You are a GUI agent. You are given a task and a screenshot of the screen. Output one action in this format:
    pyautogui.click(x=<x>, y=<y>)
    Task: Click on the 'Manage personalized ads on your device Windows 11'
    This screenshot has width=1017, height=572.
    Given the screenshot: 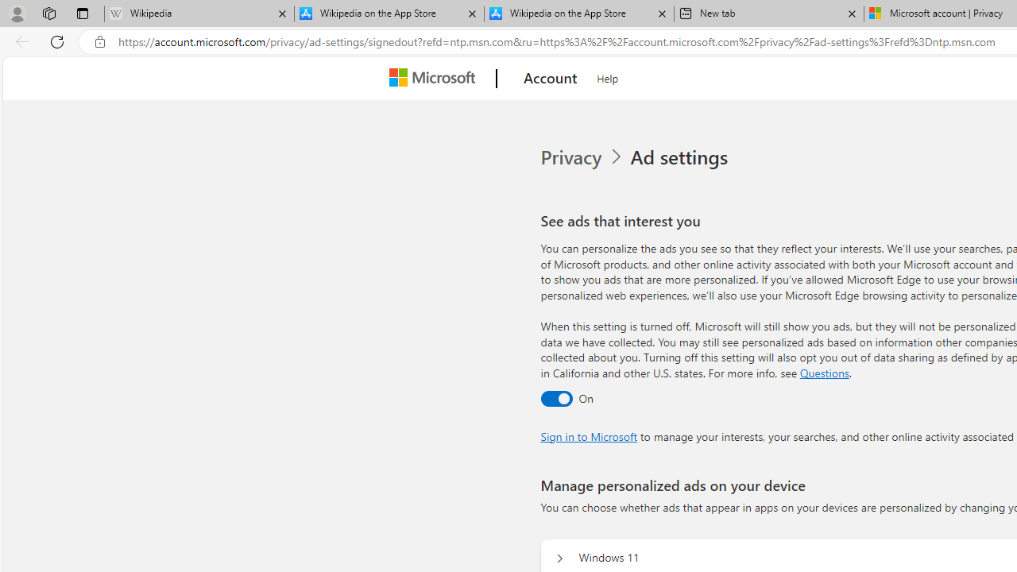 What is the action you would take?
    pyautogui.click(x=559, y=558)
    